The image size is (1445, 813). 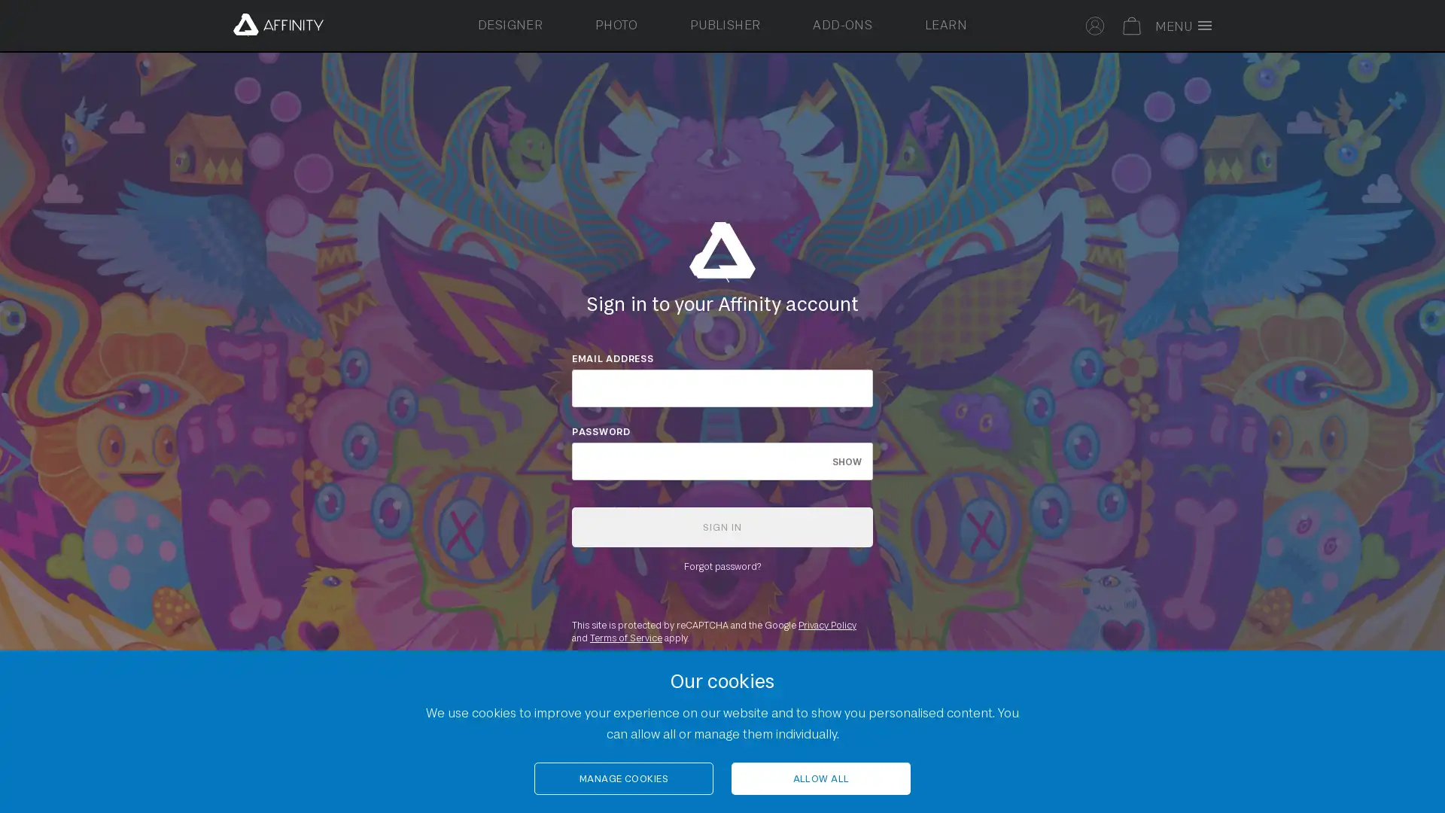 I want to click on Sign in to your Affinity account, so click(x=1095, y=23).